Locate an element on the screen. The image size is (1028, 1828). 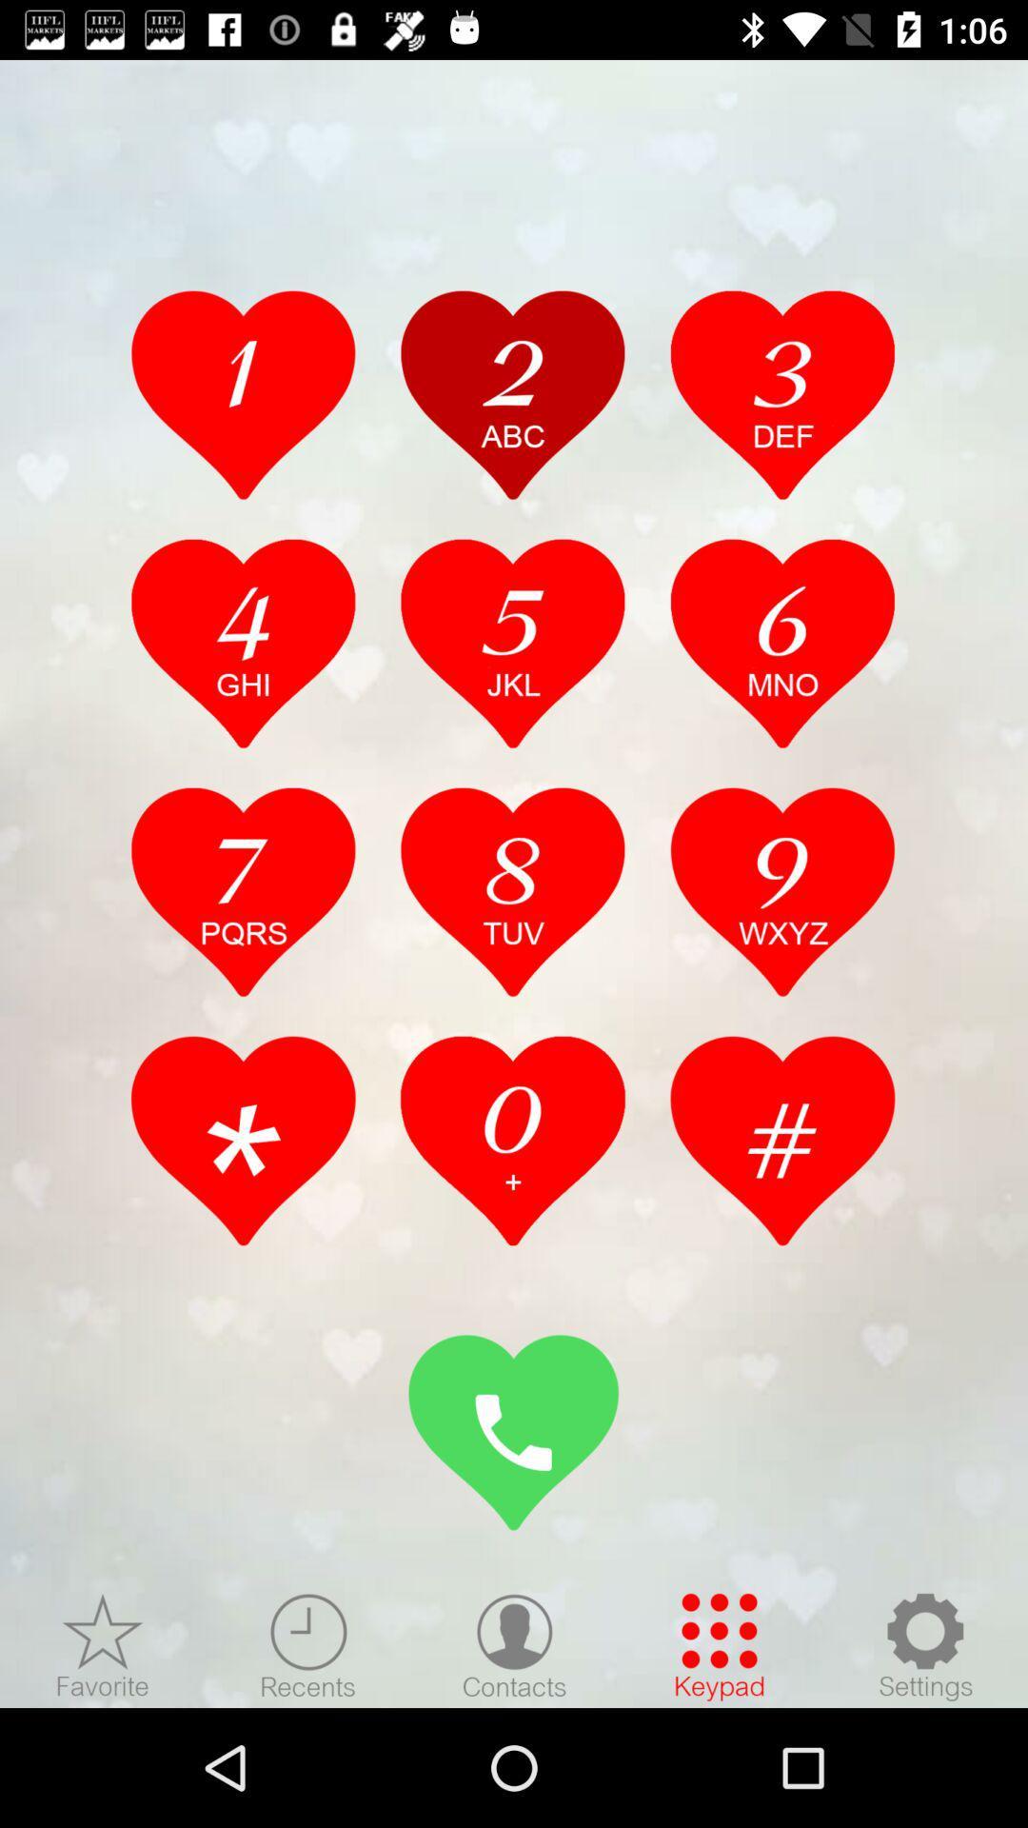
the dialpad icon is located at coordinates (720, 1645).